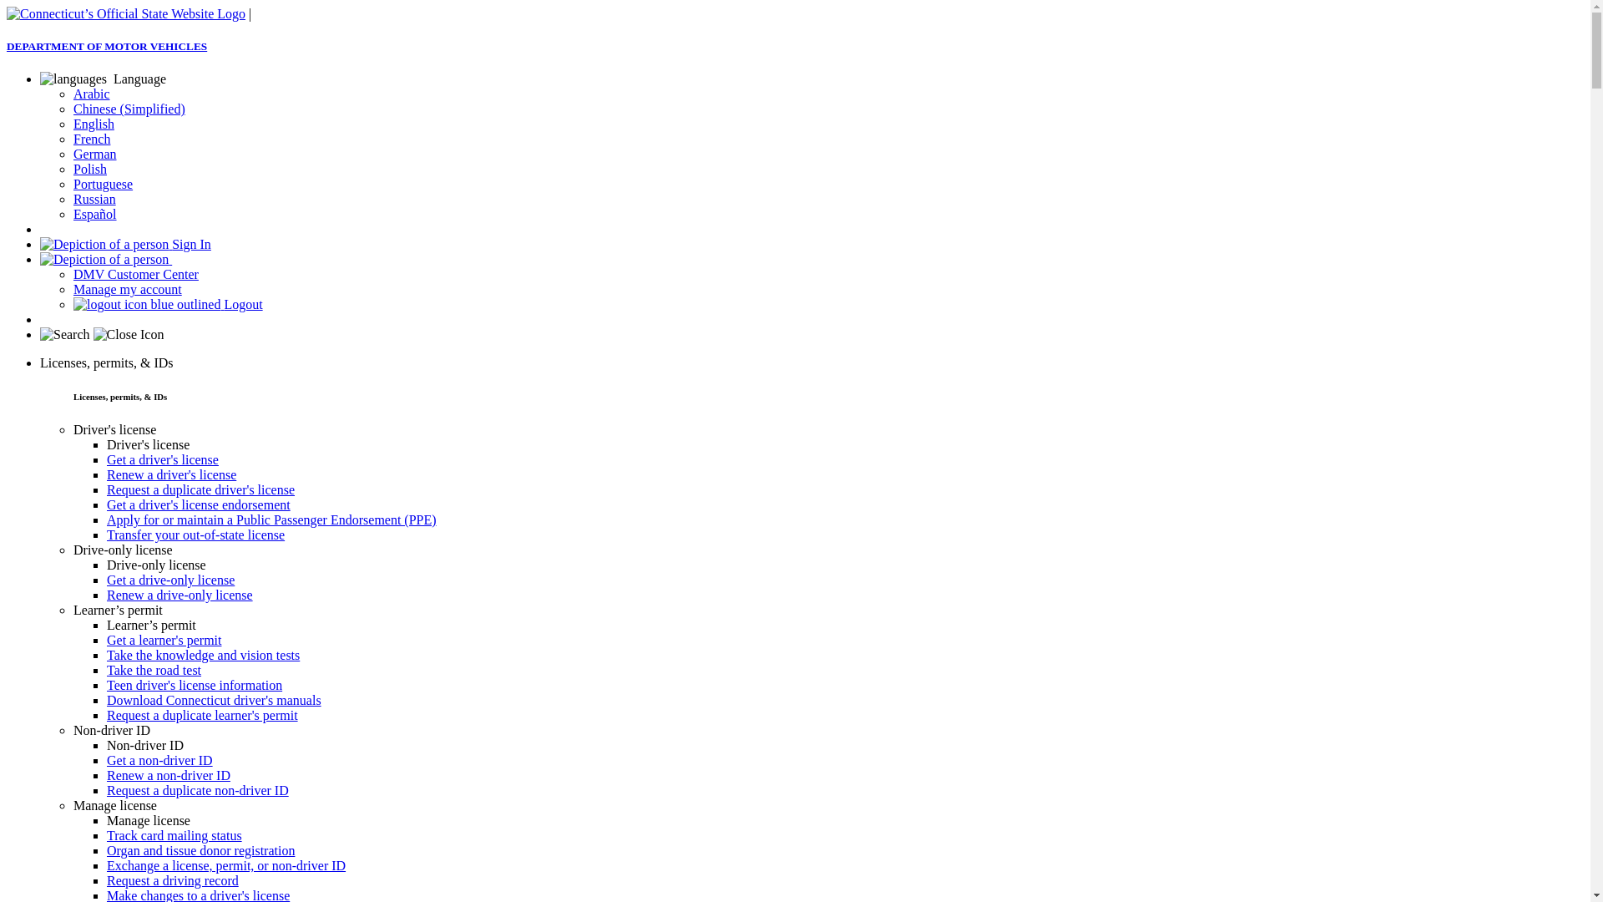  What do you see at coordinates (202, 654) in the screenshot?
I see `'Take the knowledge and vision tests'` at bounding box center [202, 654].